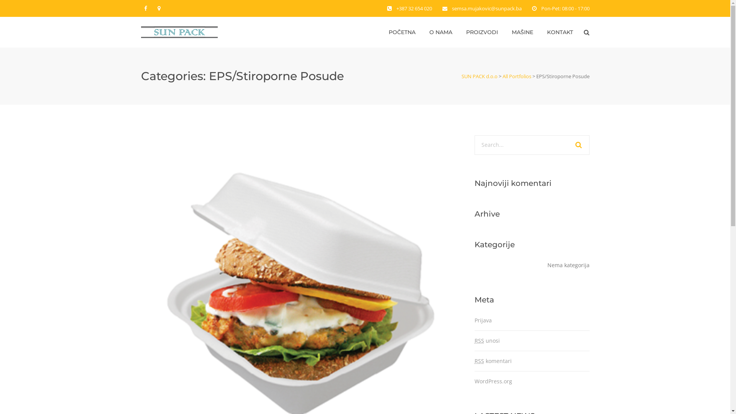 The width and height of the screenshot is (736, 414). Describe the element at coordinates (479, 76) in the screenshot. I see `'SUN PACK d.o.o'` at that location.